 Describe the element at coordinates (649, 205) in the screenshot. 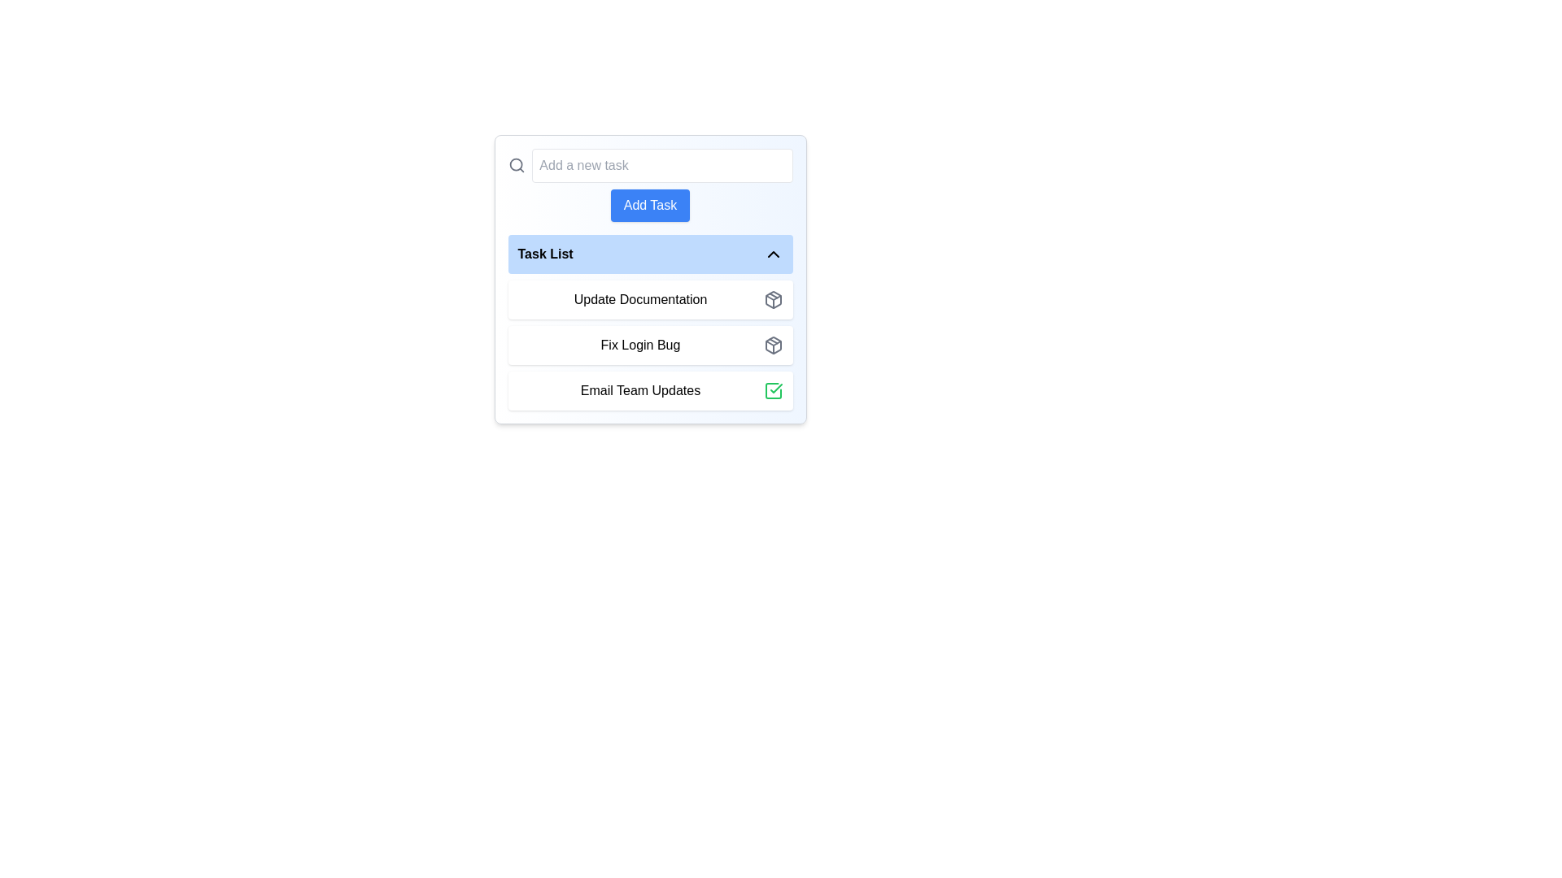

I see `the 'Add Task' button, which is a rectangular button with a blue background and white text, located below the 'Add a new task' input field` at that location.